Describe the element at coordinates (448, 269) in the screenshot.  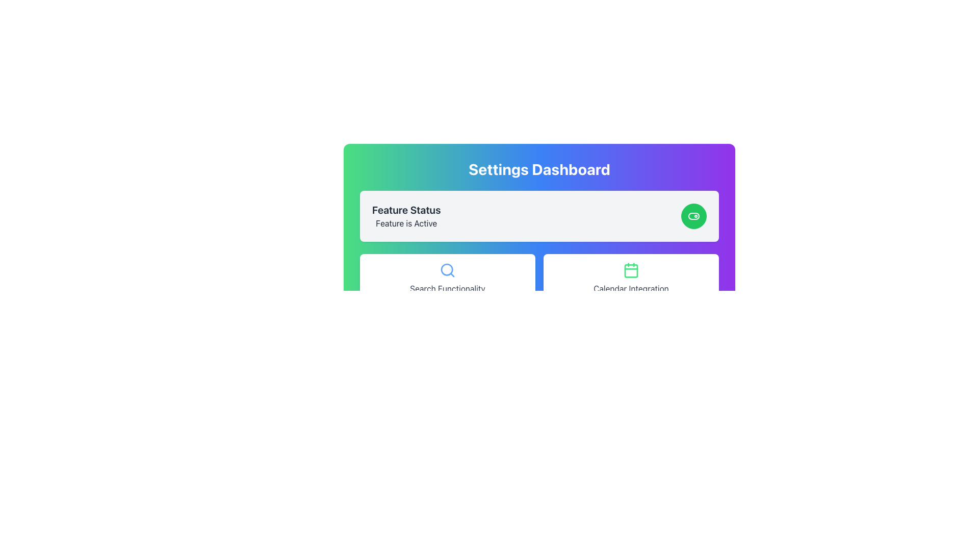
I see `the magnifying glass icon with a blue outline, located within the rounded white card labeled 'Search Functionality'` at that location.